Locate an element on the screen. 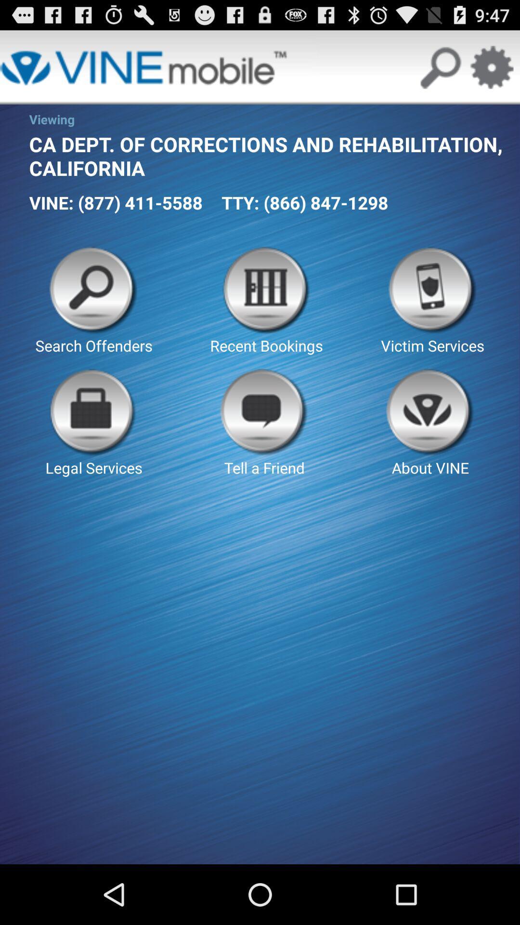  the item below search offenders icon is located at coordinates (264, 423).